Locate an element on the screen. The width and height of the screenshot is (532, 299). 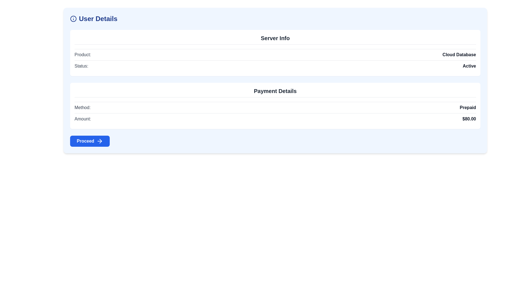
the text label displaying 'Method:' which is a slightly bold, medium-gray font and is aligned on the left side above 'Prepaid' in the 'Payment Details' section is located at coordinates (82, 108).